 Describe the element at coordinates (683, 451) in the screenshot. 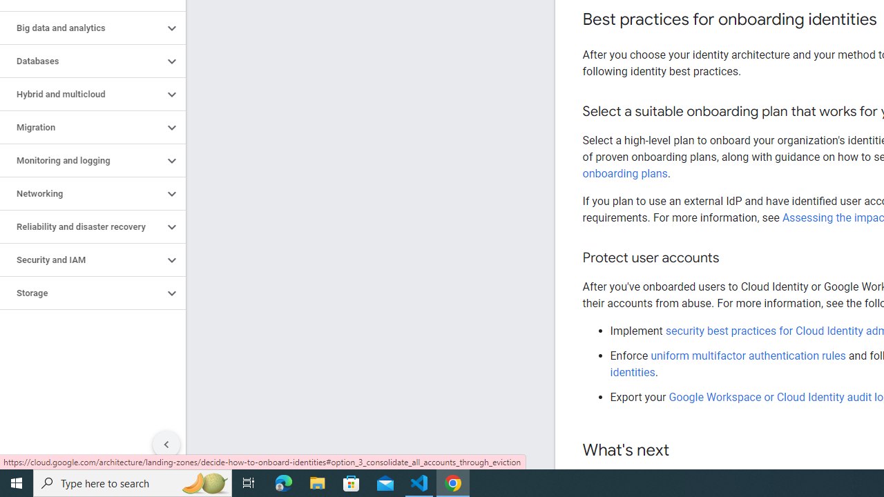

I see `'Copy link to this section: What'` at that location.